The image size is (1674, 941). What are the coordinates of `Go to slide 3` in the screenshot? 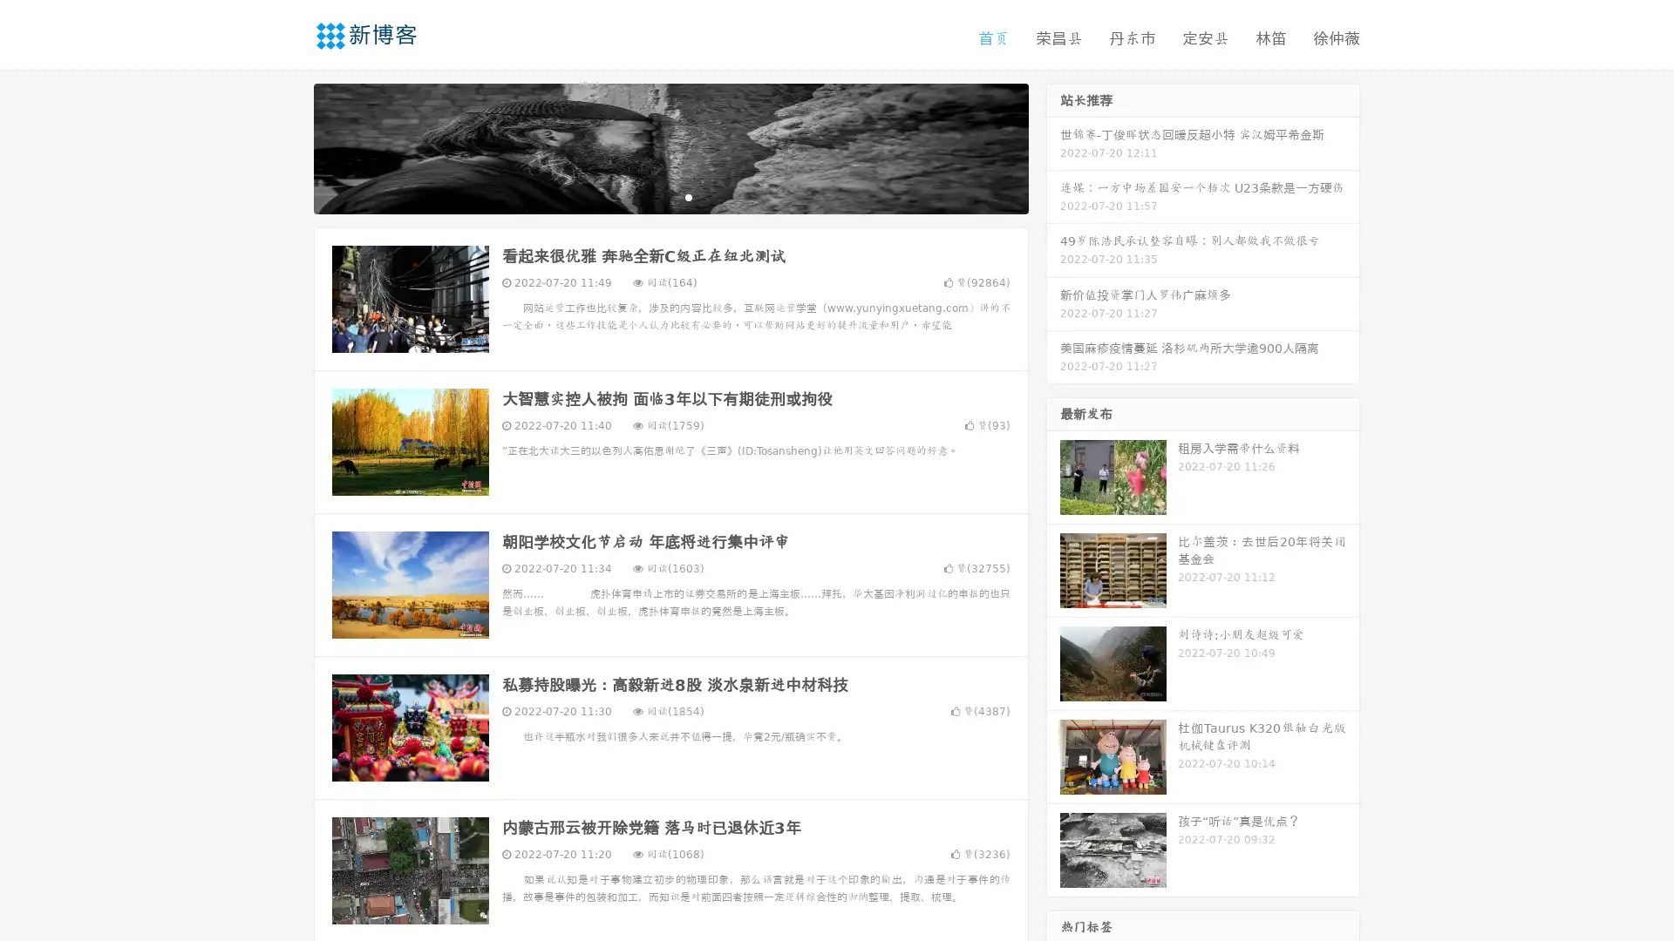 It's located at (688, 196).